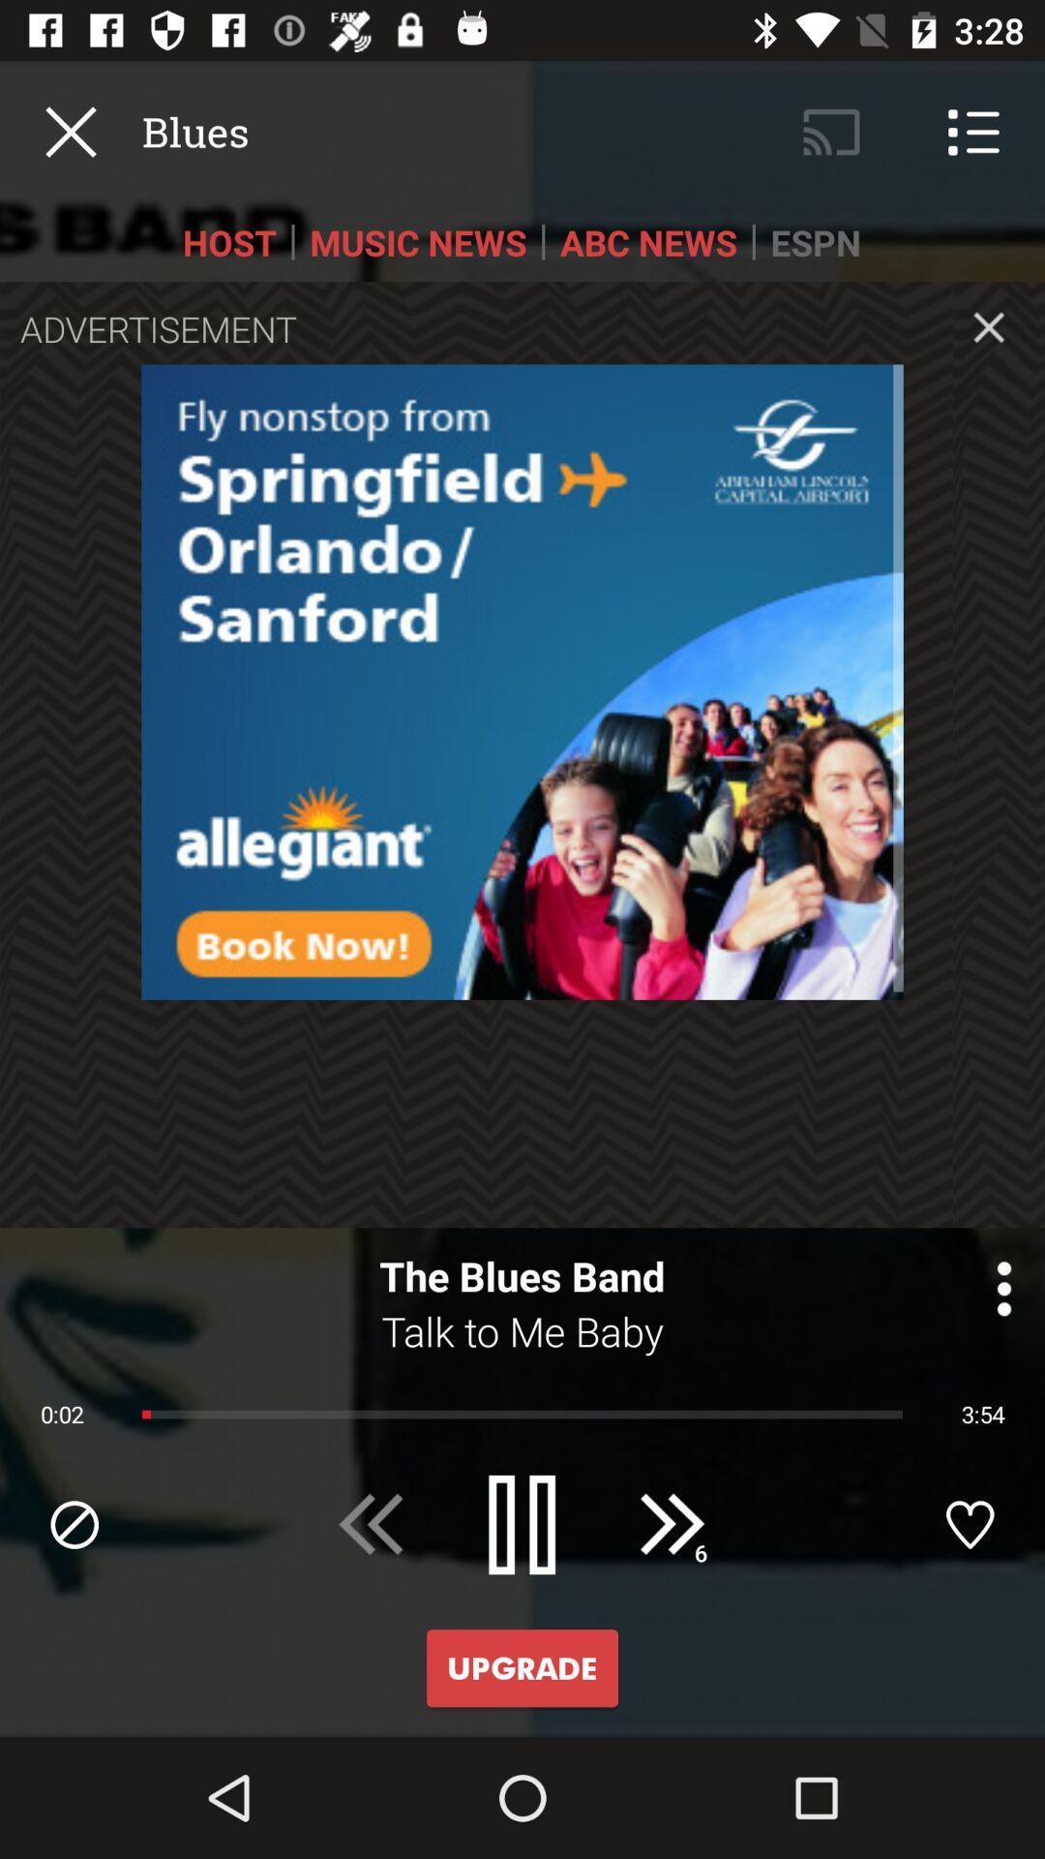 The image size is (1045, 1859). Describe the element at coordinates (70, 131) in the screenshot. I see `the close icon` at that location.